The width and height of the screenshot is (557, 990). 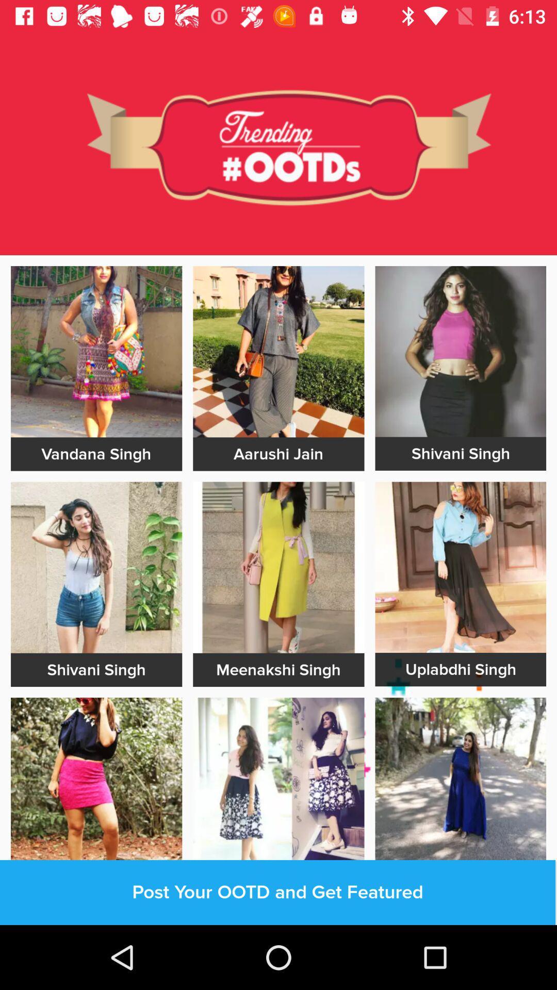 What do you see at coordinates (460, 567) in the screenshot?
I see `the personality` at bounding box center [460, 567].